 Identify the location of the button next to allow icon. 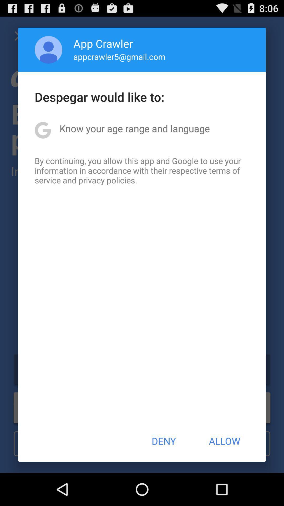
(163, 441).